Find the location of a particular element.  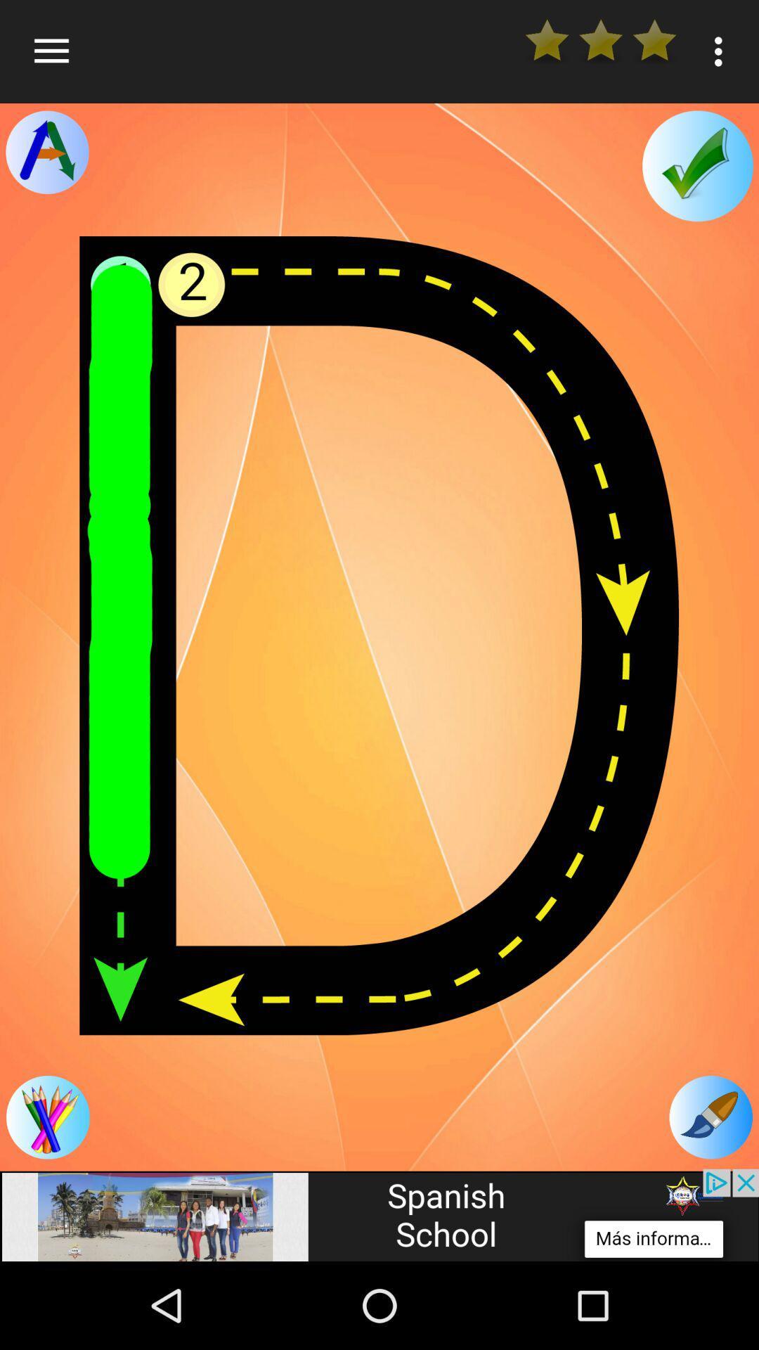

the check icon is located at coordinates (697, 166).